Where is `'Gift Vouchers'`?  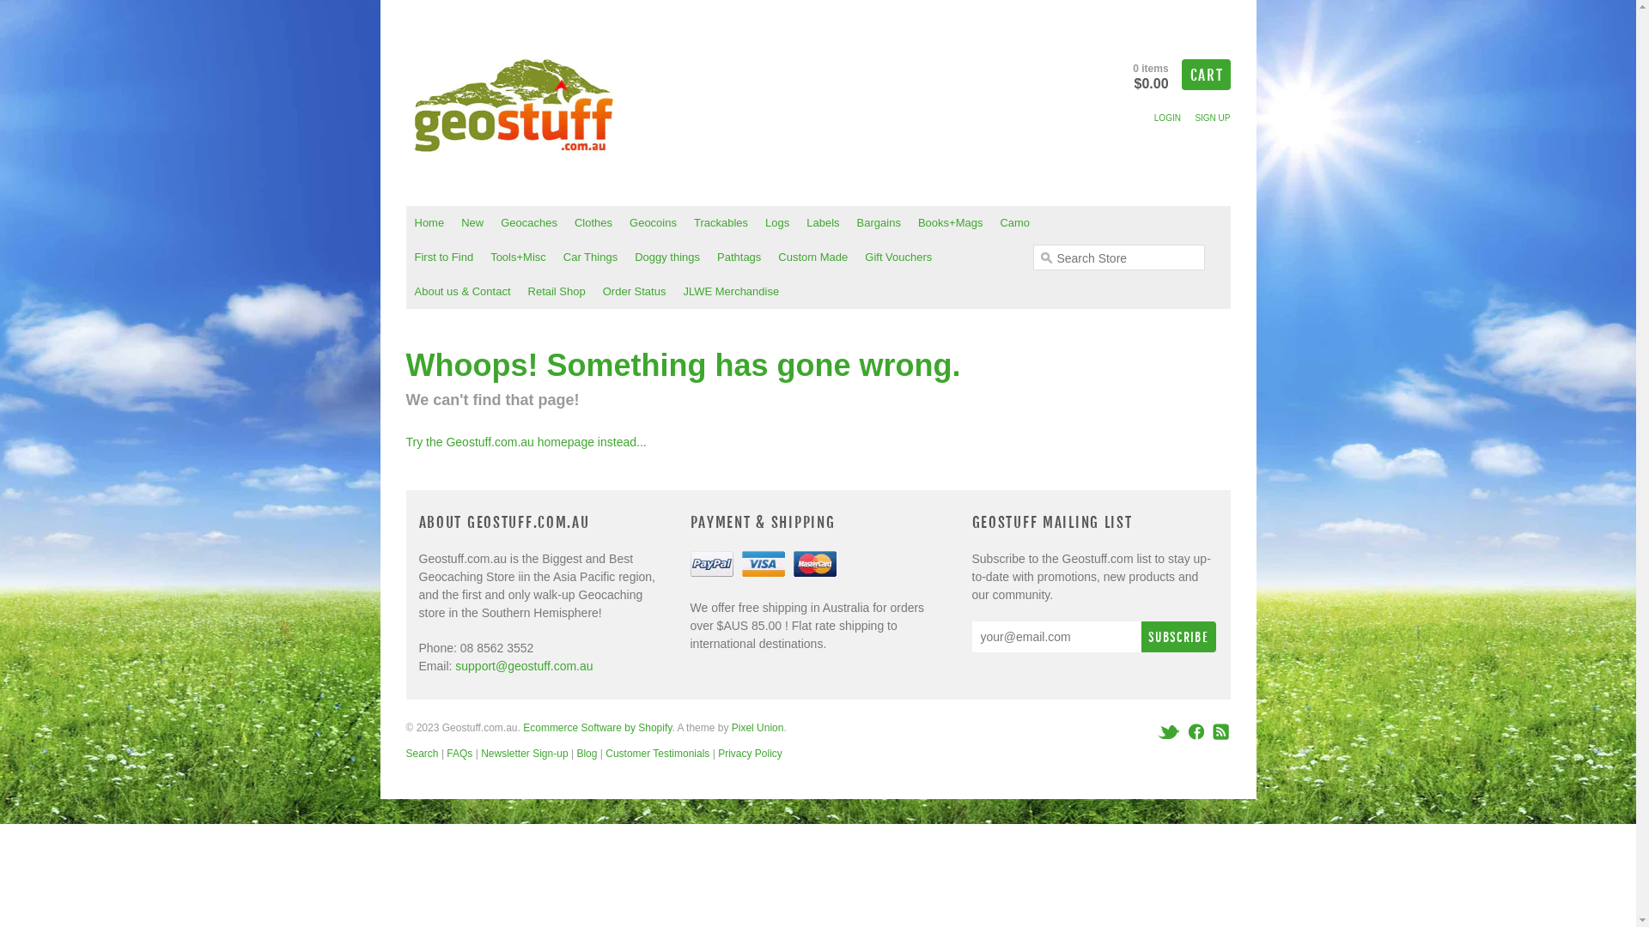 'Gift Vouchers' is located at coordinates (898, 257).